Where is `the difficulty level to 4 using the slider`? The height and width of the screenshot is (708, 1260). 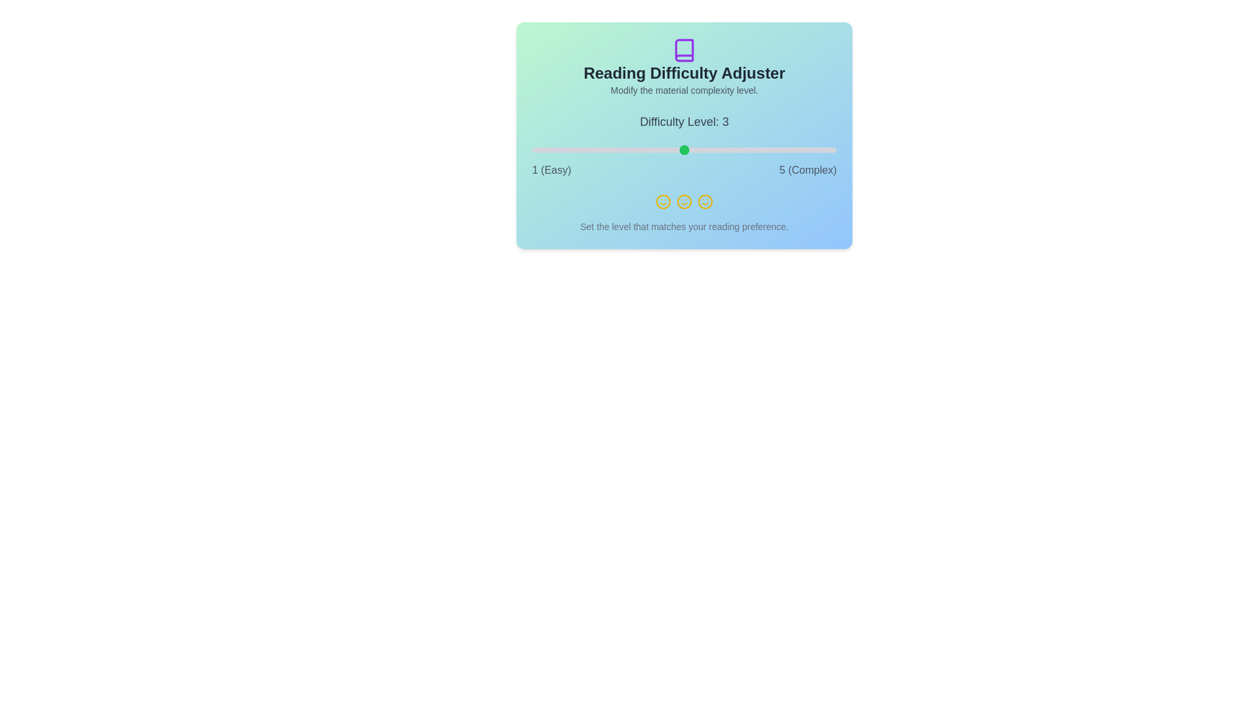
the difficulty level to 4 using the slider is located at coordinates (760, 149).